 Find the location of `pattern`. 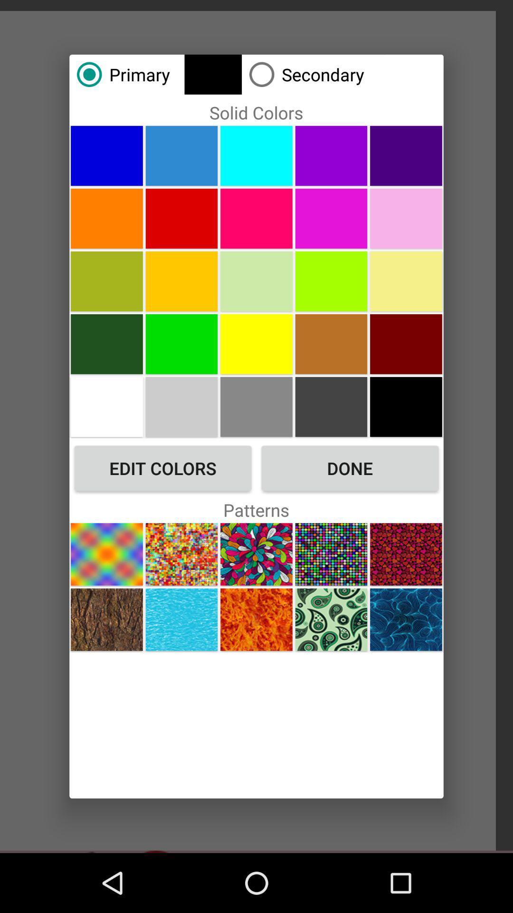

pattern is located at coordinates (256, 554).